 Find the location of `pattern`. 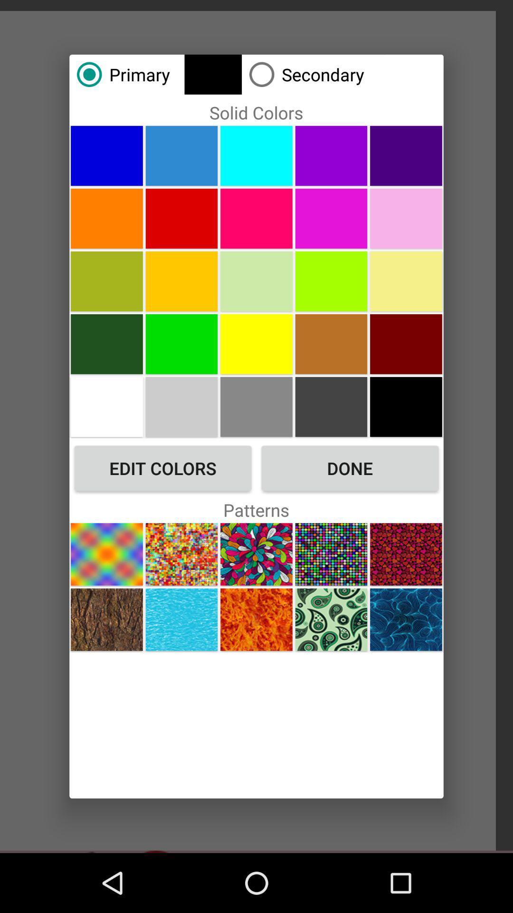

pattern is located at coordinates (256, 554).